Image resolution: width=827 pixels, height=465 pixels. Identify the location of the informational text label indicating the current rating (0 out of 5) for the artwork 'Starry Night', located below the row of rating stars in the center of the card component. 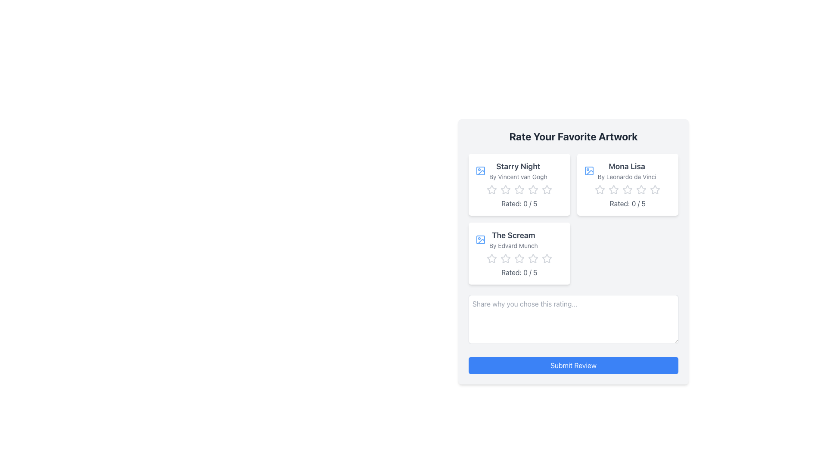
(519, 204).